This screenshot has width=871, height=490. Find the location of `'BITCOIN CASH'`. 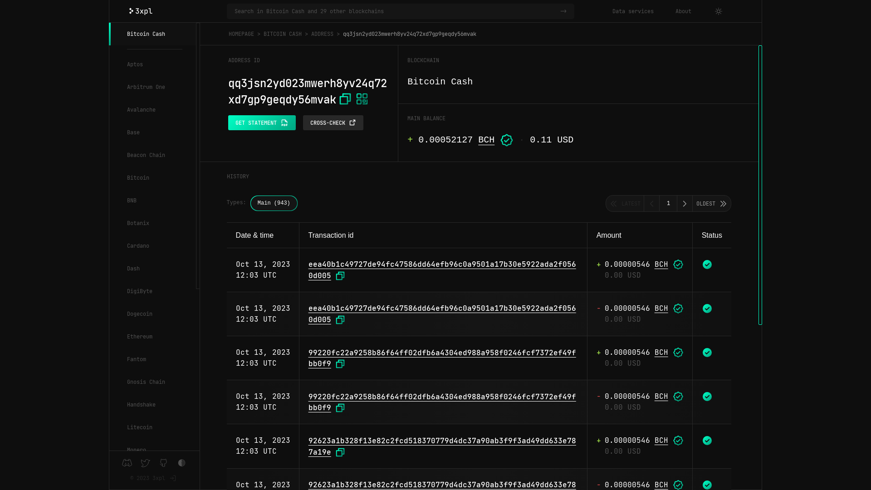

'BITCOIN CASH' is located at coordinates (282, 33).